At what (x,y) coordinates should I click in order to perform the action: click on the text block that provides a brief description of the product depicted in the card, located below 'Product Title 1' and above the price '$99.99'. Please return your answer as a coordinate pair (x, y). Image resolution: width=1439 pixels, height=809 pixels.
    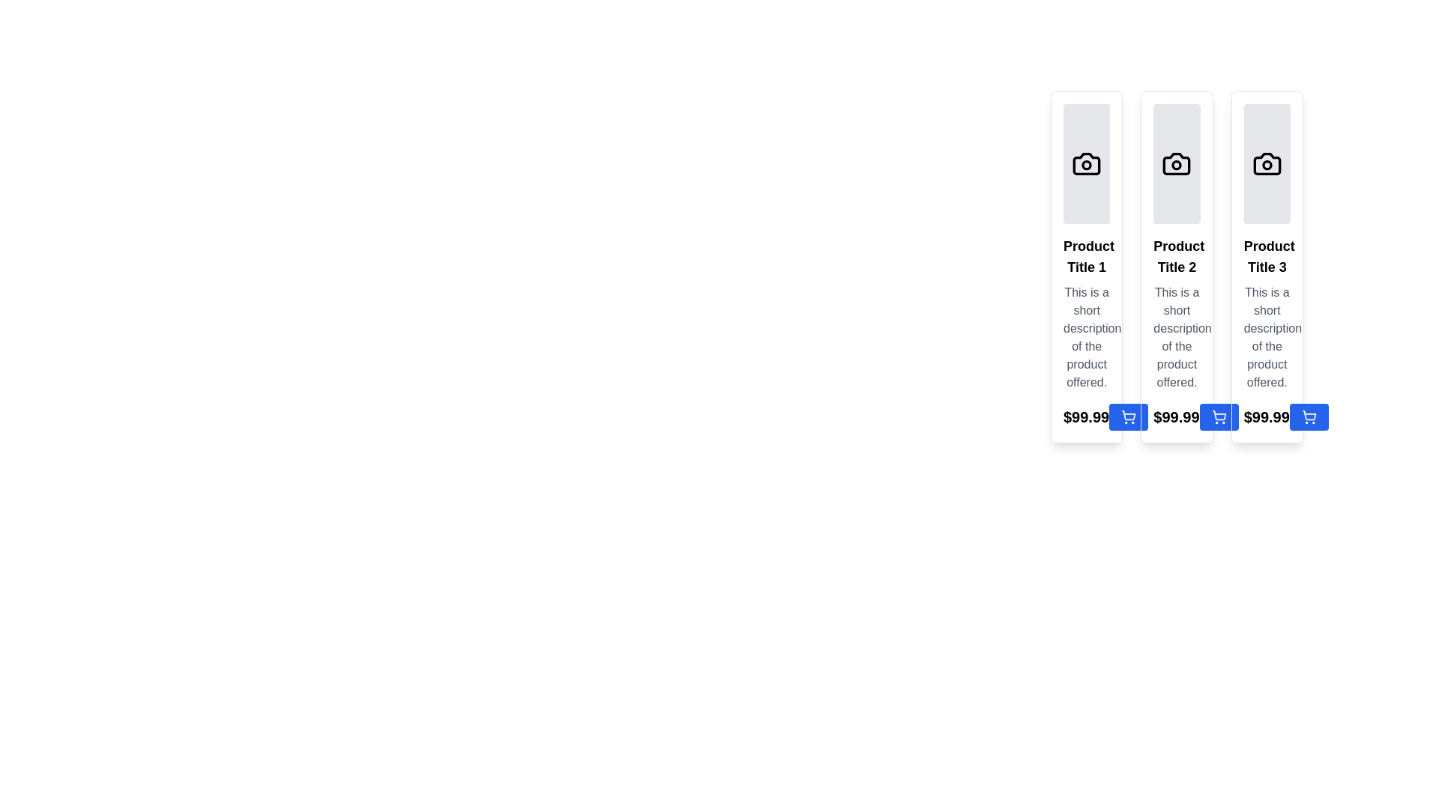
    Looking at the image, I should click on (1087, 338).